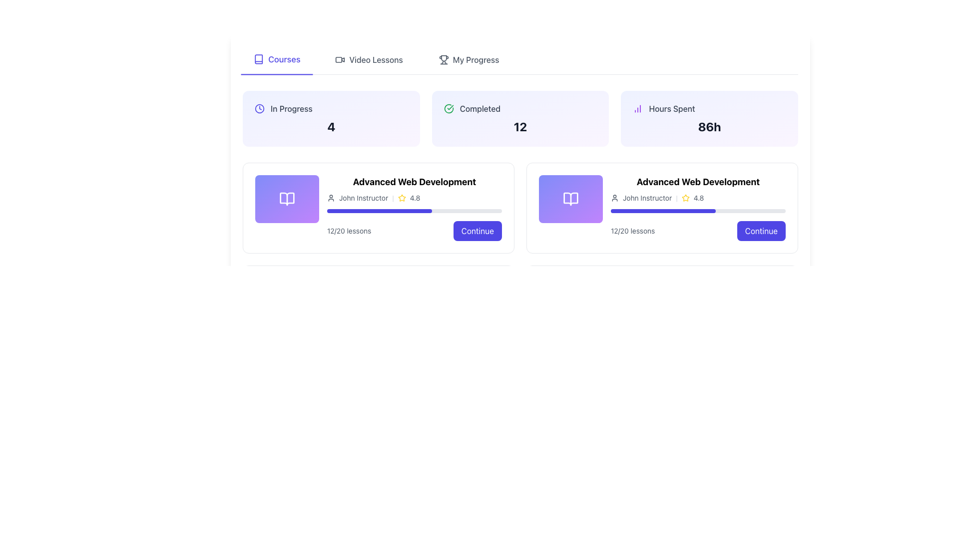 The image size is (959, 539). I want to click on the vertical gray separator located between 'John Instructor' and a star icon in the user information row, so click(393, 198).